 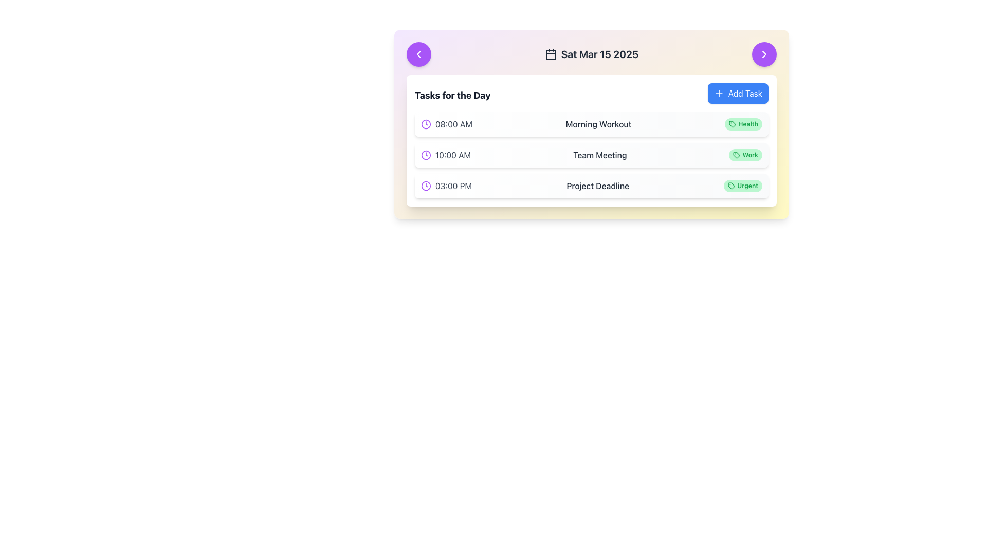 I want to click on the navigation arrow icon located at the top-left corner of the card interface, so click(x=419, y=54).